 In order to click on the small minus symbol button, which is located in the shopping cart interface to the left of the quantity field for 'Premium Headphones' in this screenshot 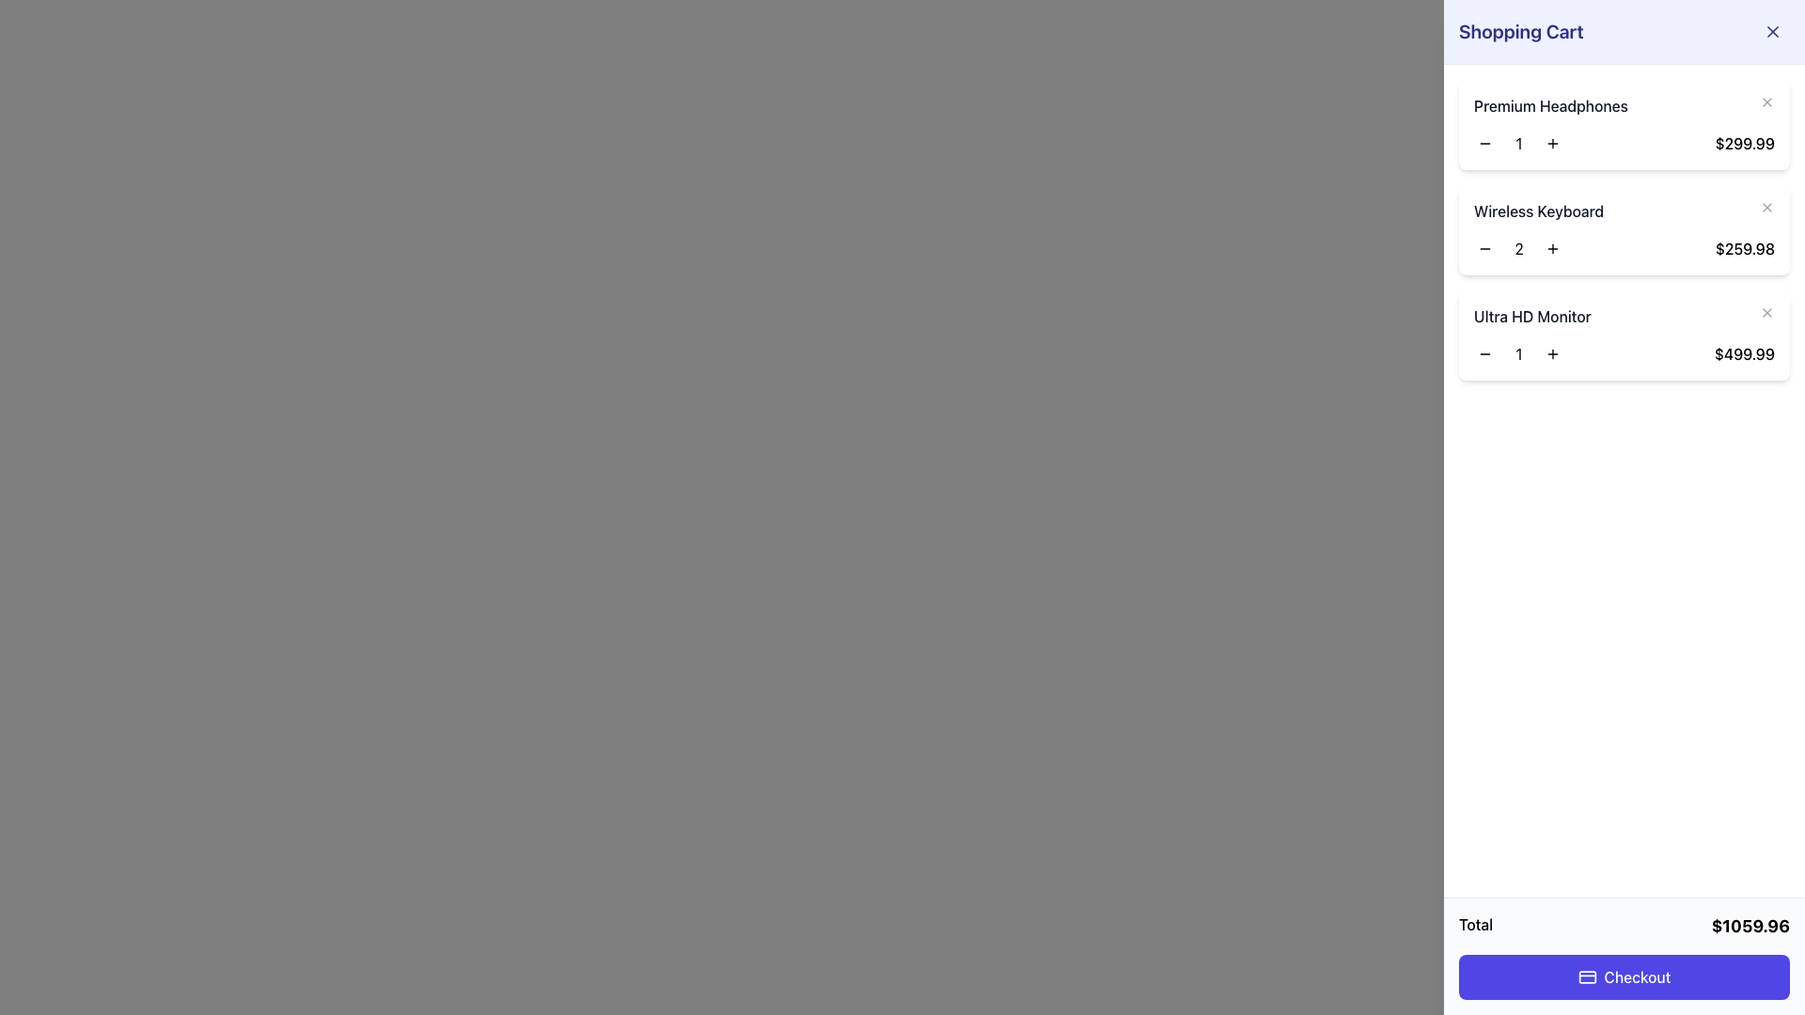, I will do `click(1483, 143)`.